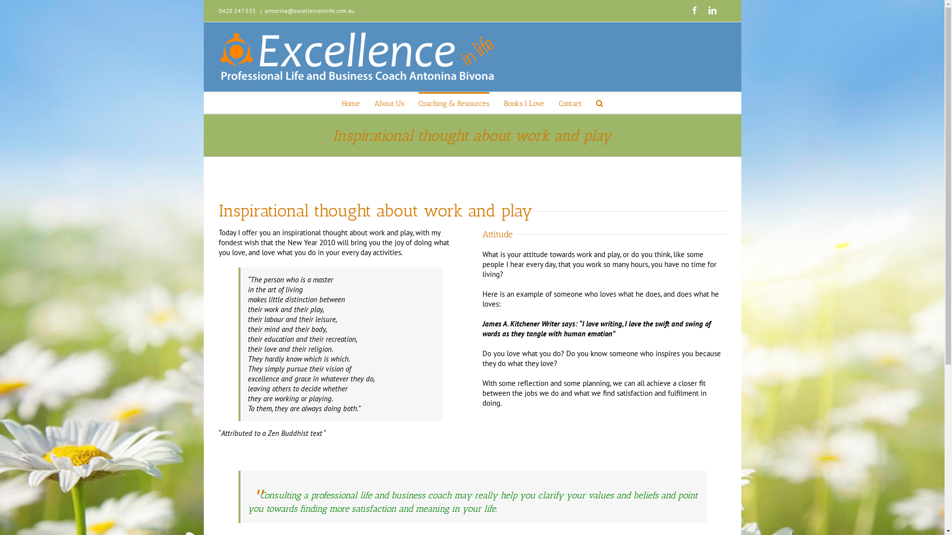  What do you see at coordinates (389, 103) in the screenshot?
I see `'About Us'` at bounding box center [389, 103].